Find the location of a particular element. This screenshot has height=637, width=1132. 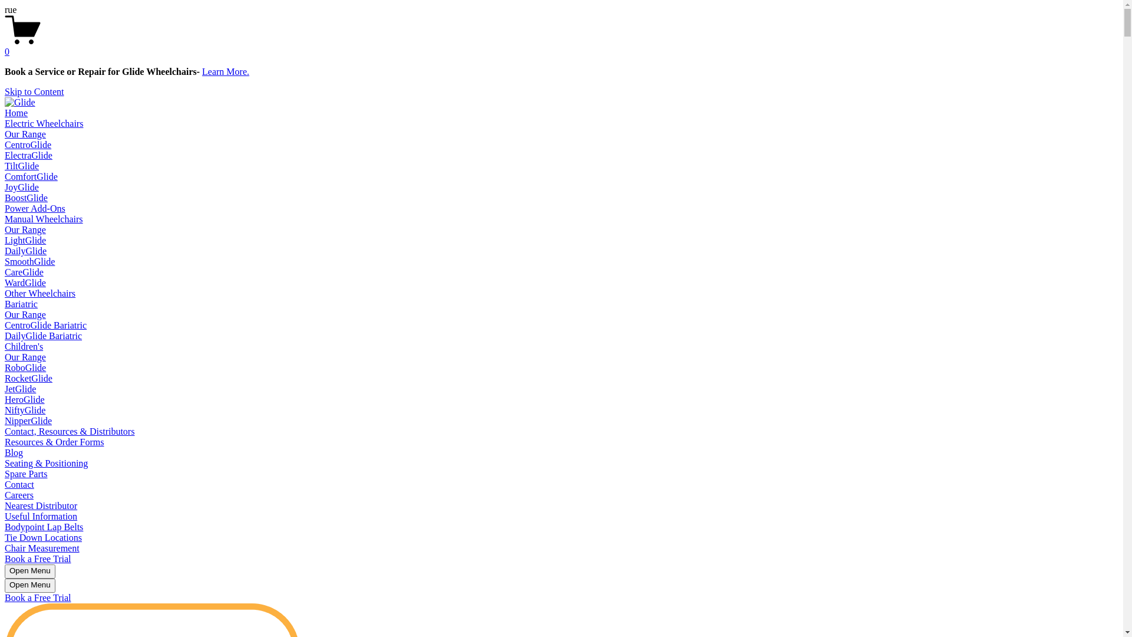

'Book a Free Trial' is located at coordinates (37, 558).